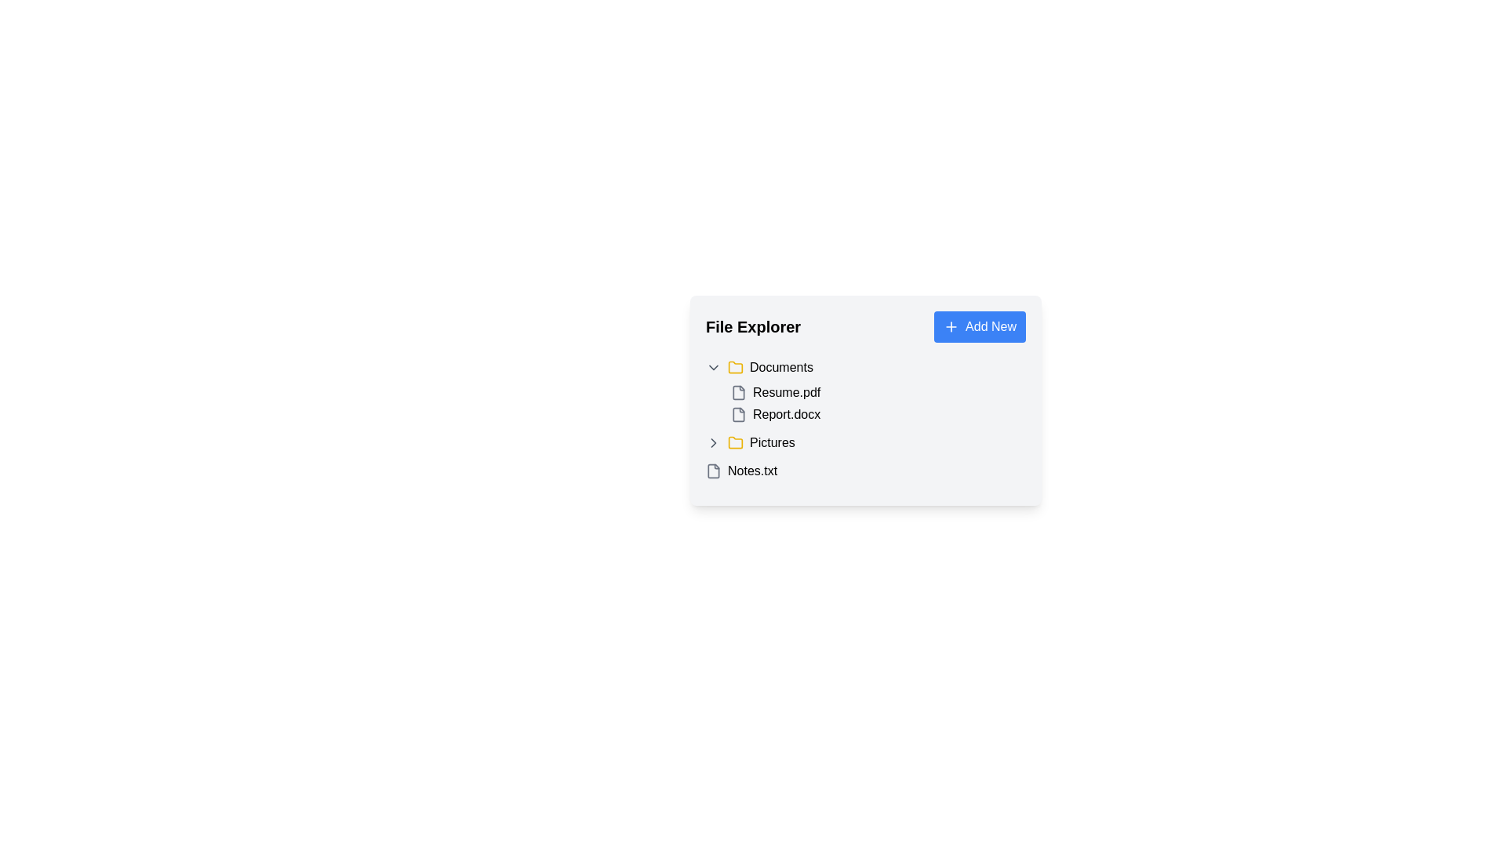  Describe the element at coordinates (865, 442) in the screenshot. I see `the 'Pictures' folder item in the file explorer` at that location.